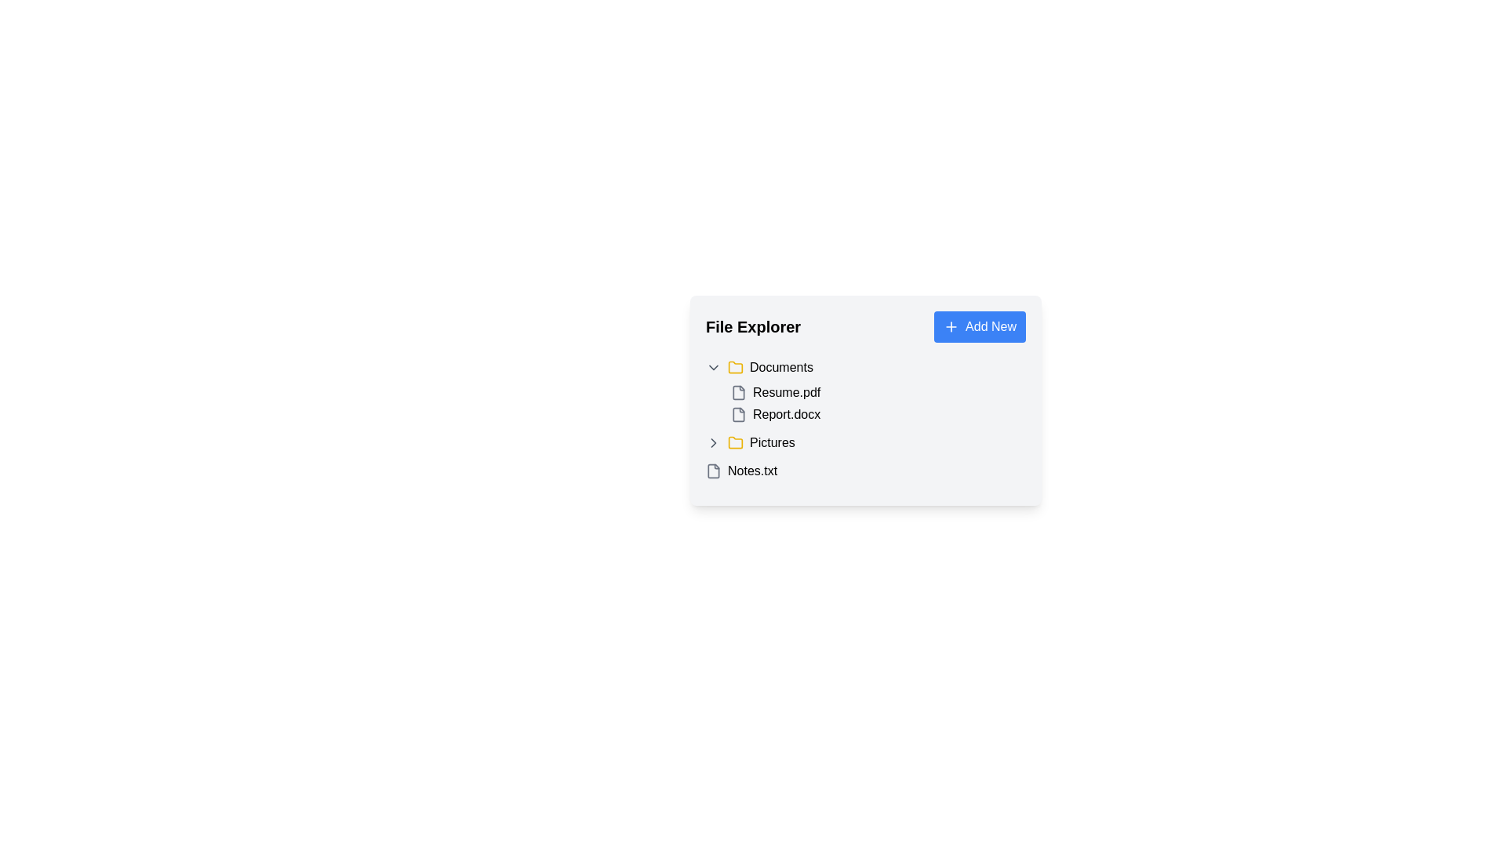  Describe the element at coordinates (865, 442) in the screenshot. I see `the 'Pictures' folder item in the file explorer` at that location.